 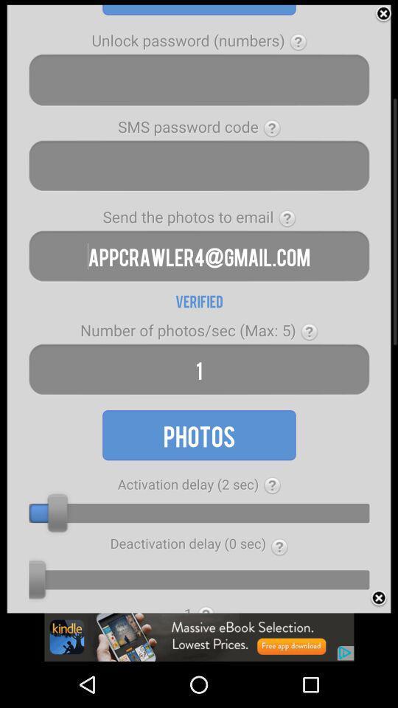 I want to click on the help icon, so click(x=271, y=137).